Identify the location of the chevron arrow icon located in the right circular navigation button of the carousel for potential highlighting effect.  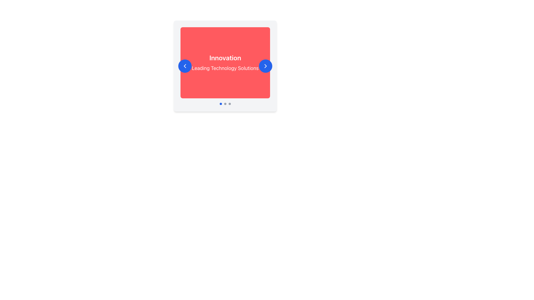
(265, 66).